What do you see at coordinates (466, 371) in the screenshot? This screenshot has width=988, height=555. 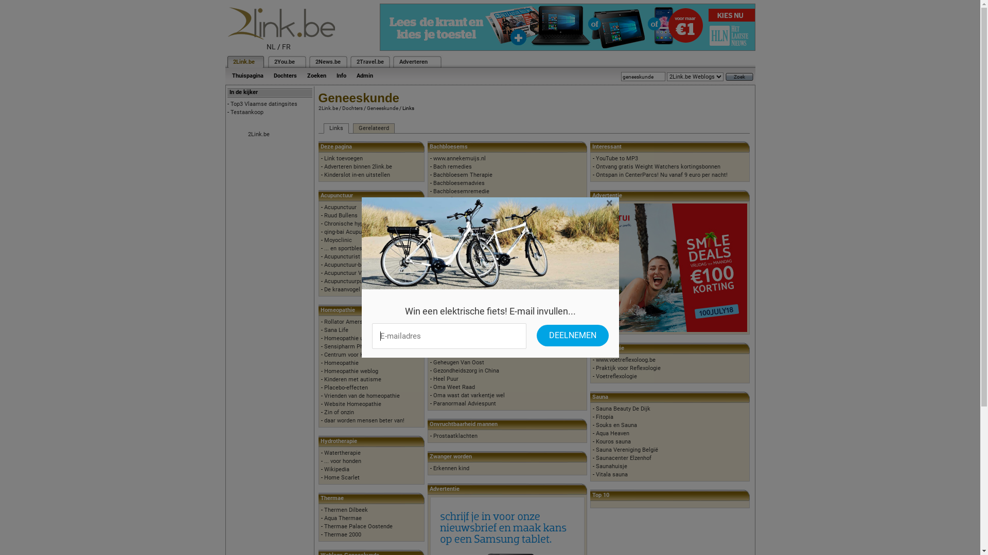 I see `'Gezondheidszorg in China'` at bounding box center [466, 371].